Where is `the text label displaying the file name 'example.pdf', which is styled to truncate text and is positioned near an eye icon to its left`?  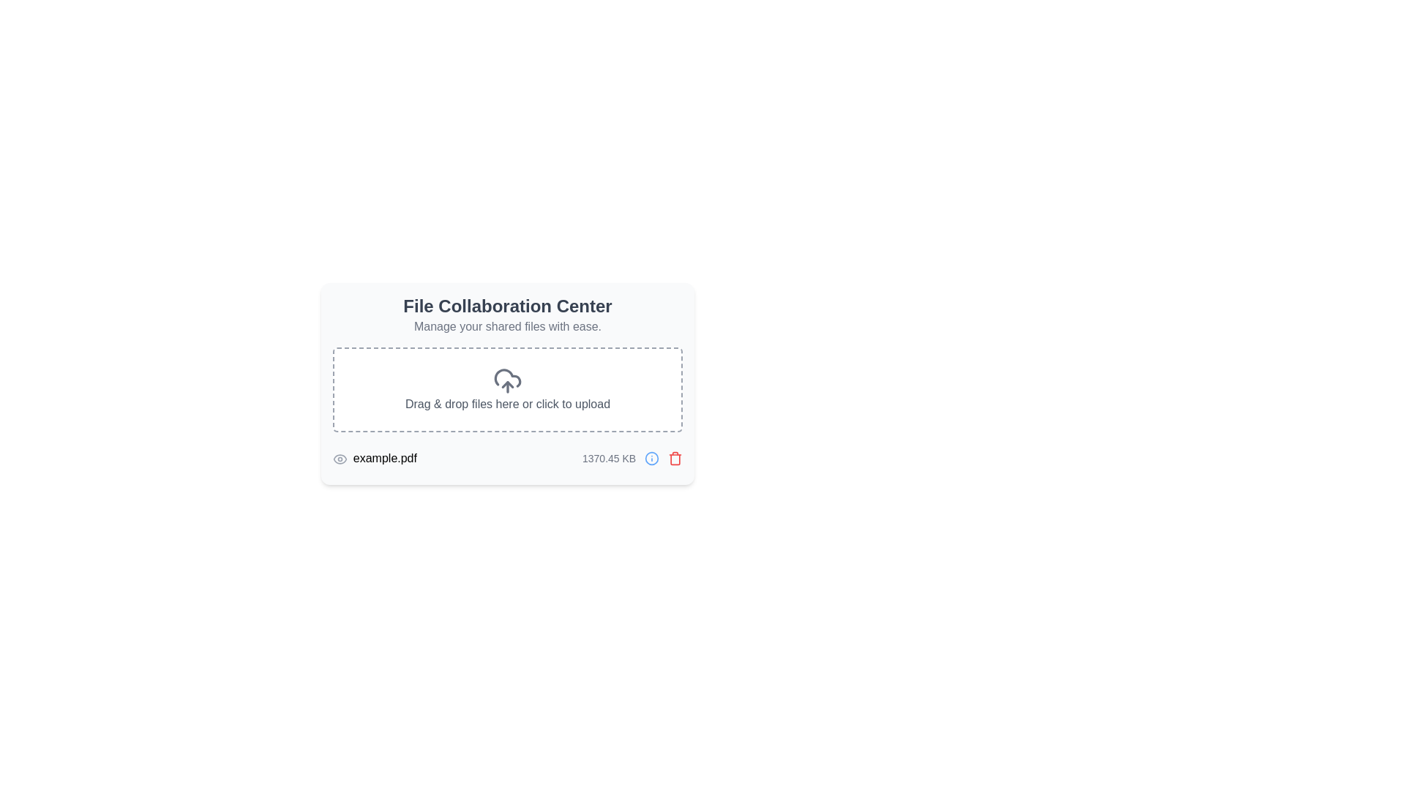
the text label displaying the file name 'example.pdf', which is styled to truncate text and is positioned near an eye icon to its left is located at coordinates (375, 458).